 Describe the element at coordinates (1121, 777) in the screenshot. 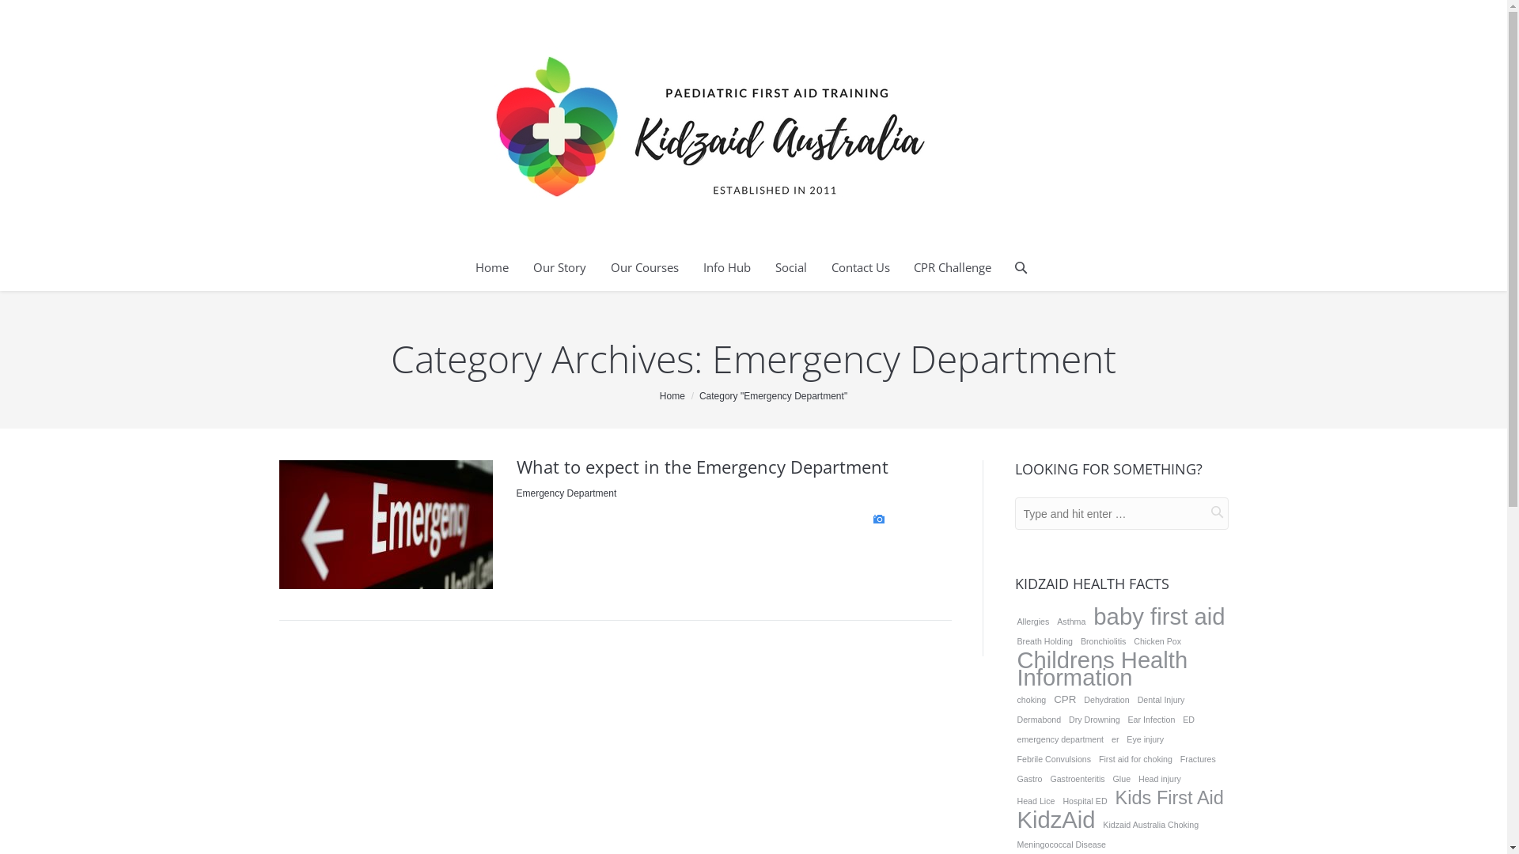

I see `'Glue'` at that location.